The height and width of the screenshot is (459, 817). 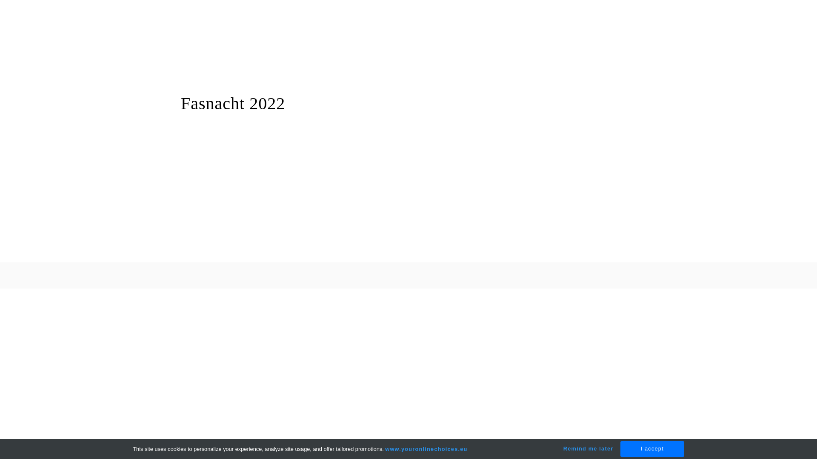 What do you see at coordinates (385, 448) in the screenshot?
I see `'www.youronlinechoices.eu'` at bounding box center [385, 448].